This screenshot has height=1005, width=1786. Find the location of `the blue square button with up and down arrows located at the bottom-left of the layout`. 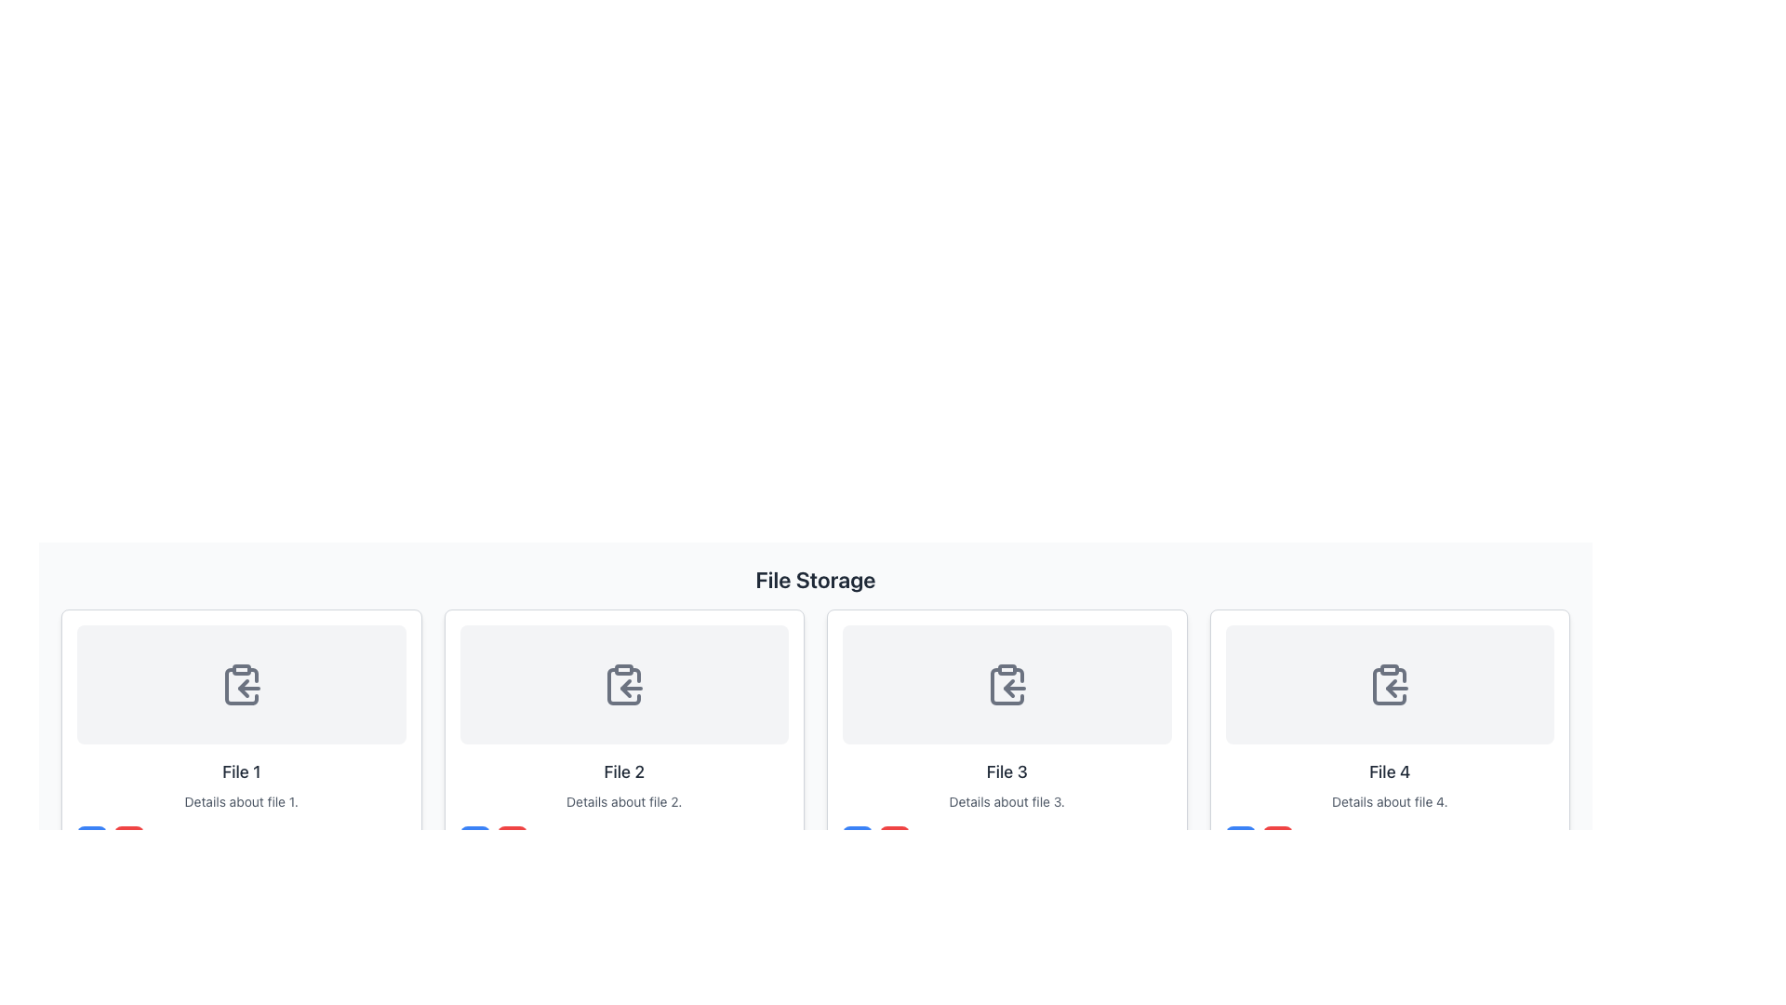

the blue square button with up and down arrows located at the bottom-left of the layout is located at coordinates (91, 840).